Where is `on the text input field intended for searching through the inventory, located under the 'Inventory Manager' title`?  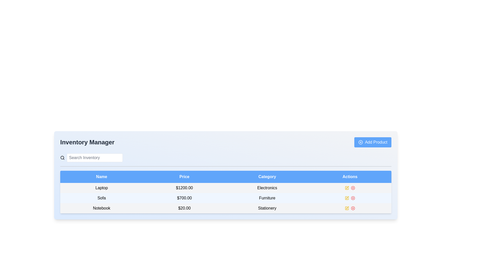
on the text input field intended for searching through the inventory, located under the 'Inventory Manager' title is located at coordinates (95, 157).